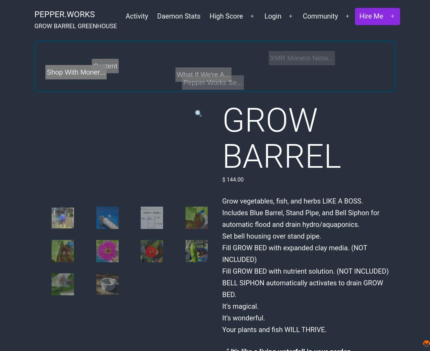 The image size is (430, 351). What do you see at coordinates (303, 16) in the screenshot?
I see `'Community'` at bounding box center [303, 16].